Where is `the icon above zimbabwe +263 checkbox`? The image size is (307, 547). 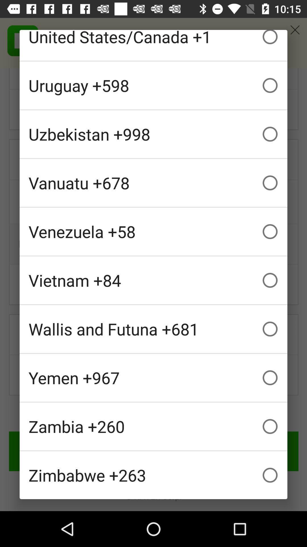
the icon above zimbabwe +263 checkbox is located at coordinates (153, 426).